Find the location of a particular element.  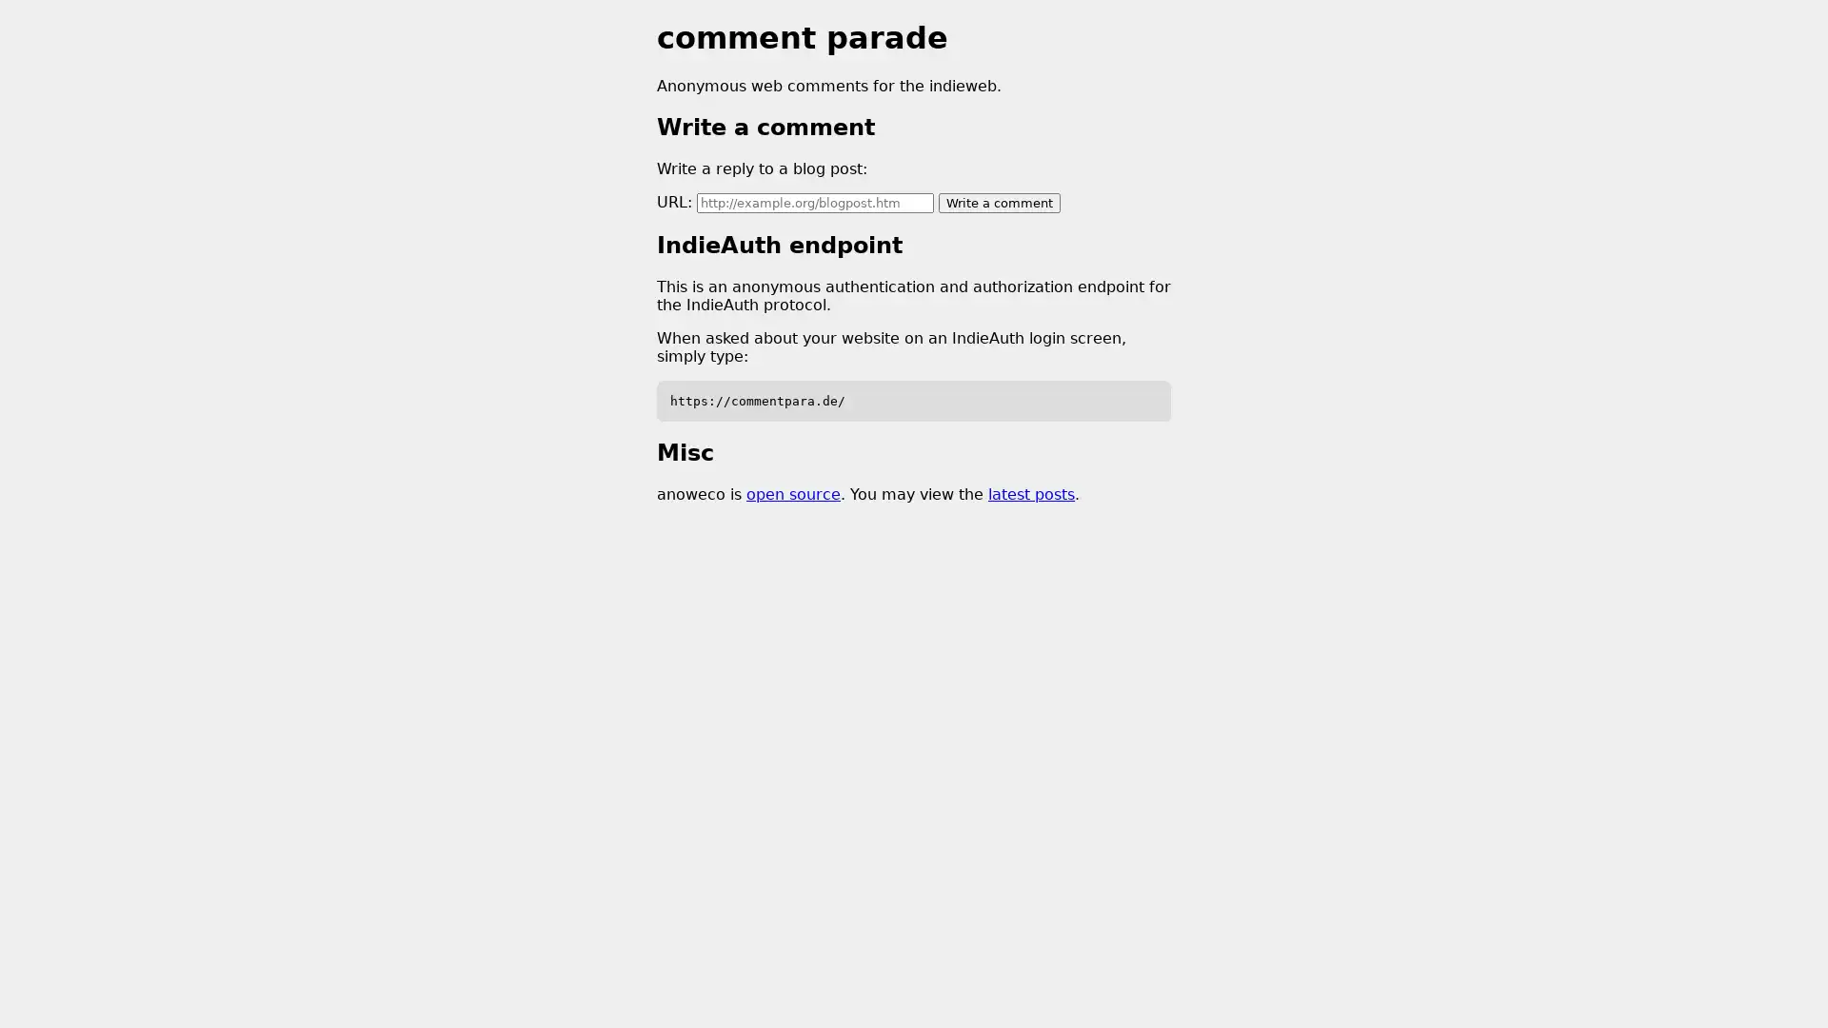

Write a comment is located at coordinates (999, 202).